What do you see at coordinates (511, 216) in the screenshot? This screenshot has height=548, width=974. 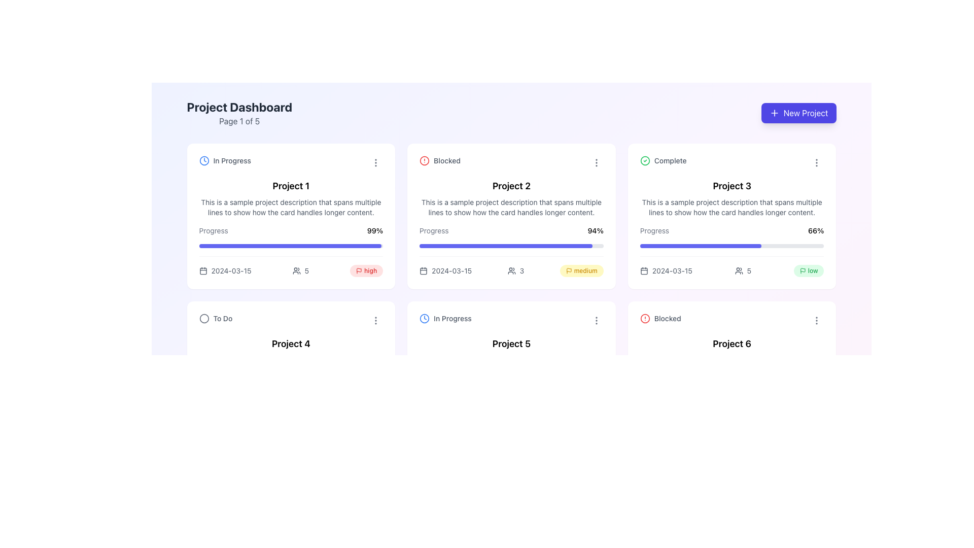 I see `the 'Project 2' card component` at bounding box center [511, 216].